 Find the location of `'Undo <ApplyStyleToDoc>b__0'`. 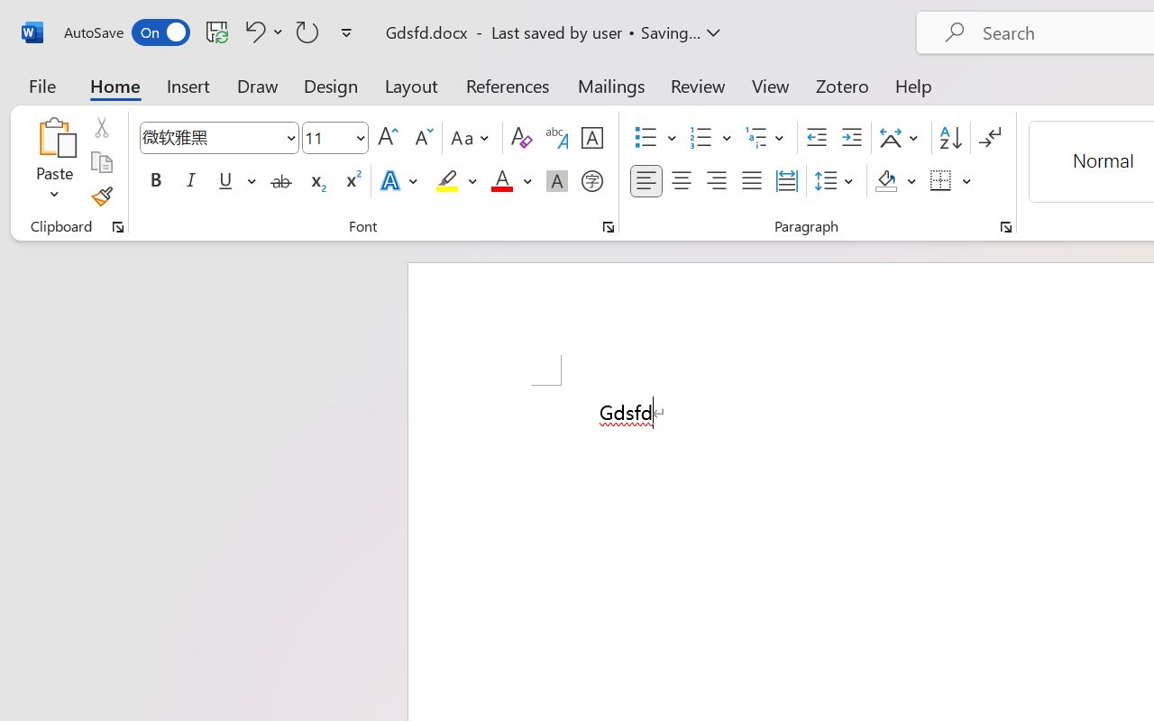

'Undo <ApplyStyleToDoc>b__0' is located at coordinates (261, 31).